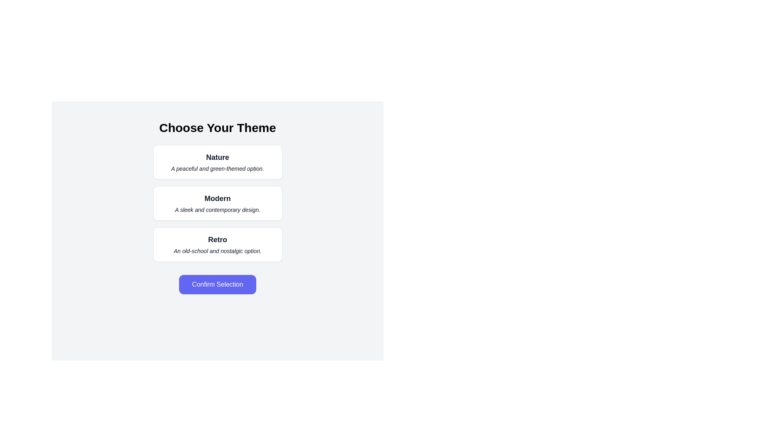 The width and height of the screenshot is (776, 436). Describe the element at coordinates (217, 284) in the screenshot. I see `the confirmation button located directly below the options 'Nature,' 'Modern,' and 'Retro' to finalize the user's choice` at that location.